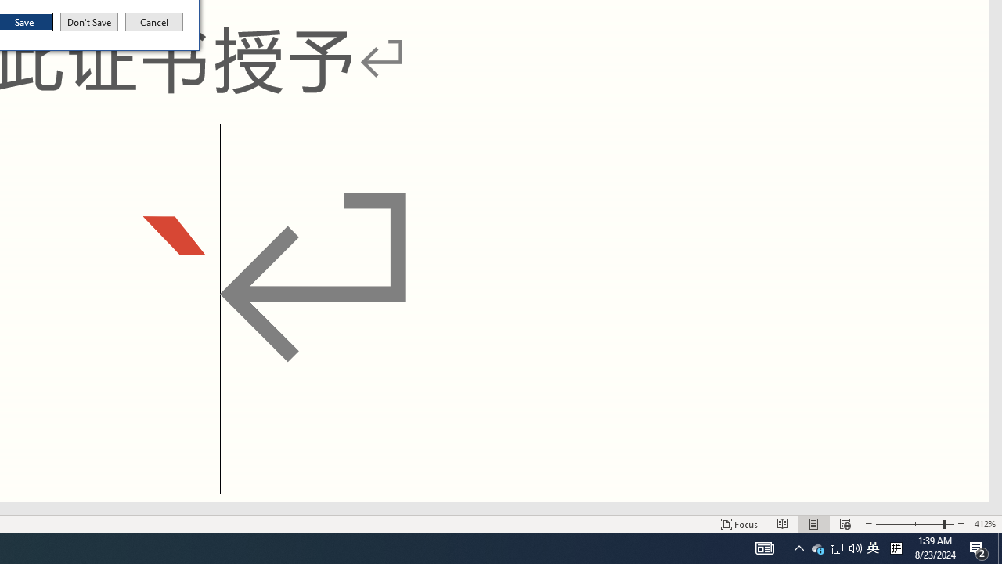  What do you see at coordinates (984, 524) in the screenshot?
I see `'Zoom 412%'` at bounding box center [984, 524].